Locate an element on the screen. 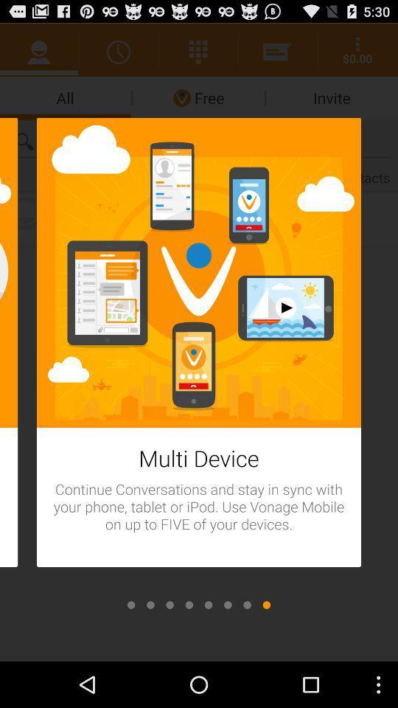 The width and height of the screenshot is (398, 708). scroll to next option is located at coordinates (169, 605).